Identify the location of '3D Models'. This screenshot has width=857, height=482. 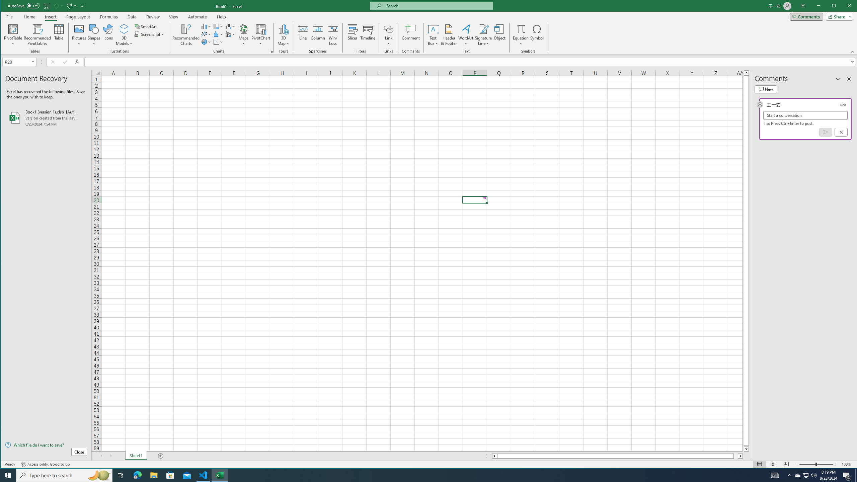
(124, 34).